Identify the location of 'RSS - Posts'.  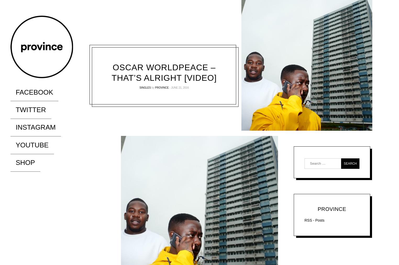
(304, 220).